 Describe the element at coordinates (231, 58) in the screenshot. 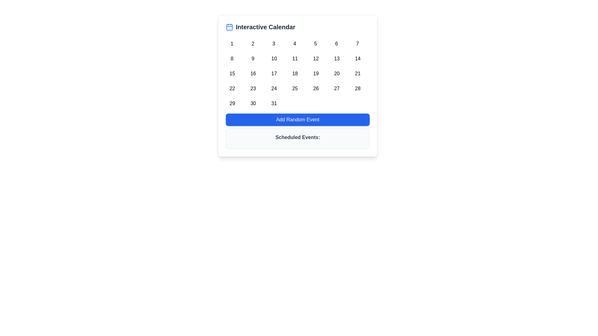

I see `the button representing the eighth day of the month in the calendar interface` at that location.